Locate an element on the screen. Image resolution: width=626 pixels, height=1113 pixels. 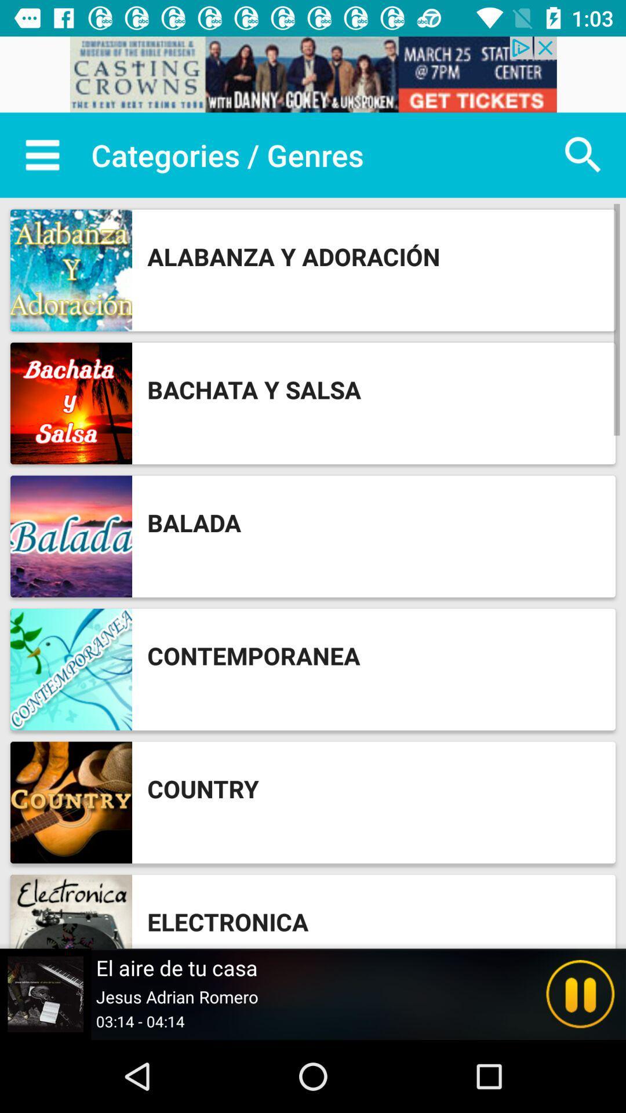
the pause icon is located at coordinates (580, 994).